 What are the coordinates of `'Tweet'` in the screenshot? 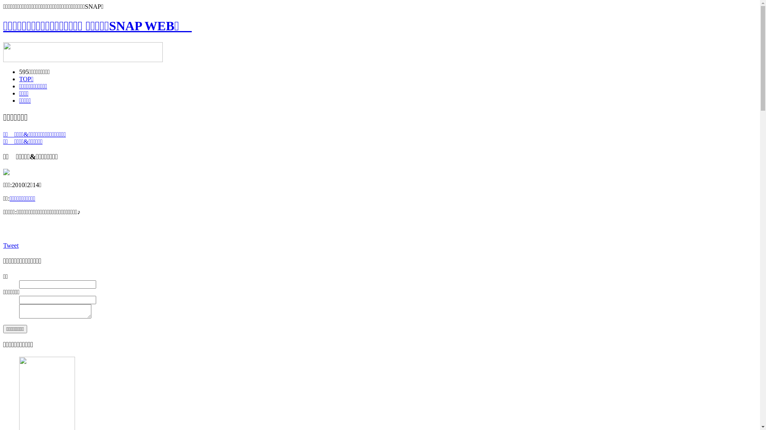 It's located at (3, 245).